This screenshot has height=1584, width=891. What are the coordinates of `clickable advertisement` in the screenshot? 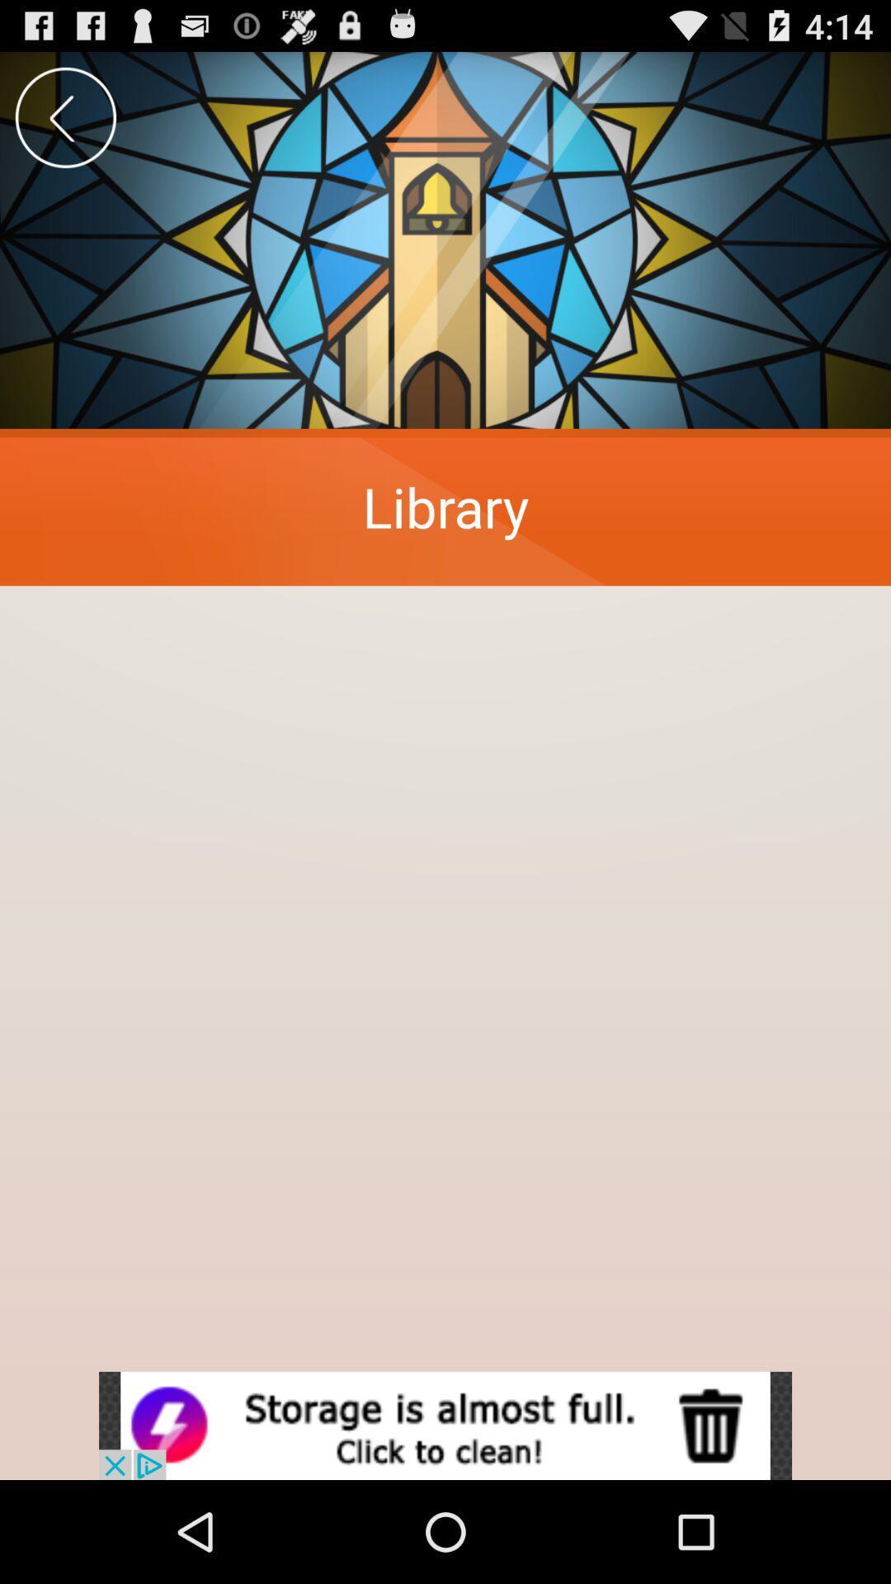 It's located at (445, 1425).